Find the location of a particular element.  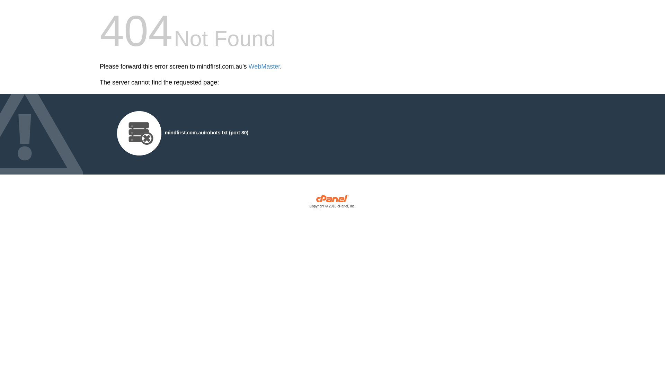

'WebMaster' is located at coordinates (264, 66).